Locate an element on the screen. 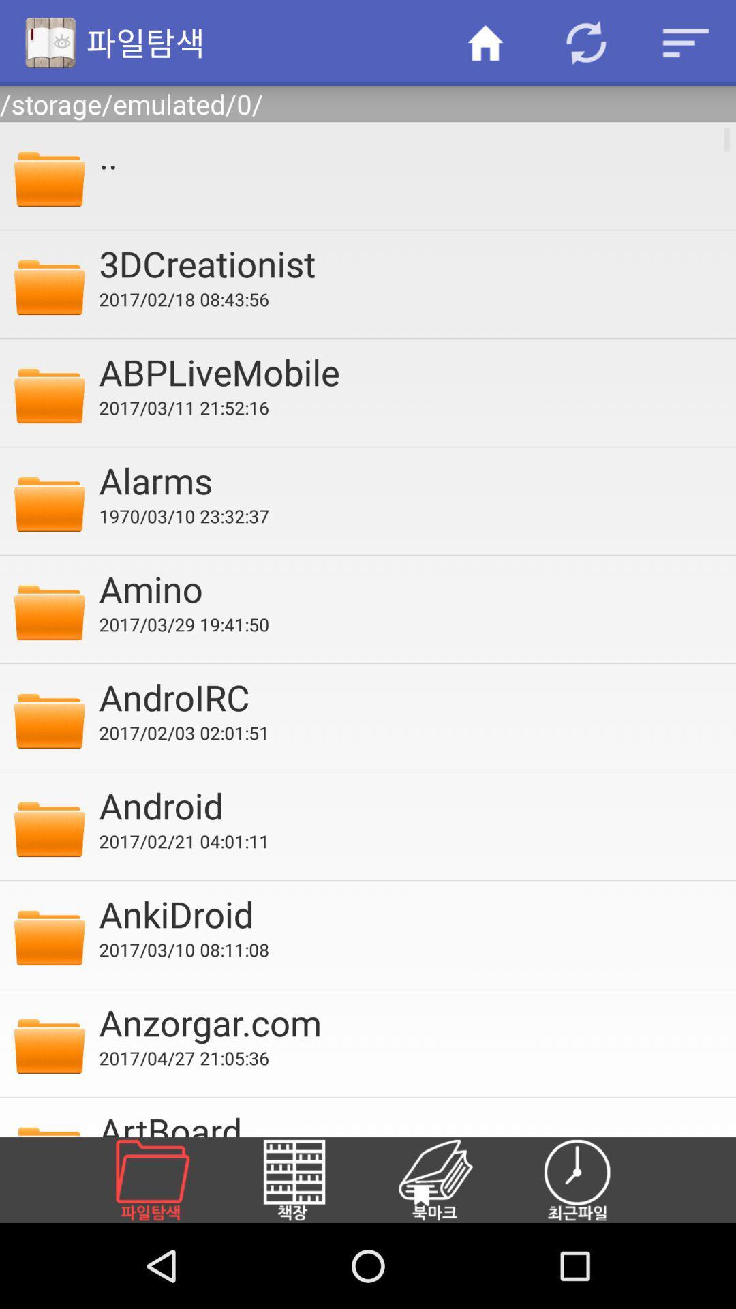  the item above 2017 03 10 icon is located at coordinates (408, 914).